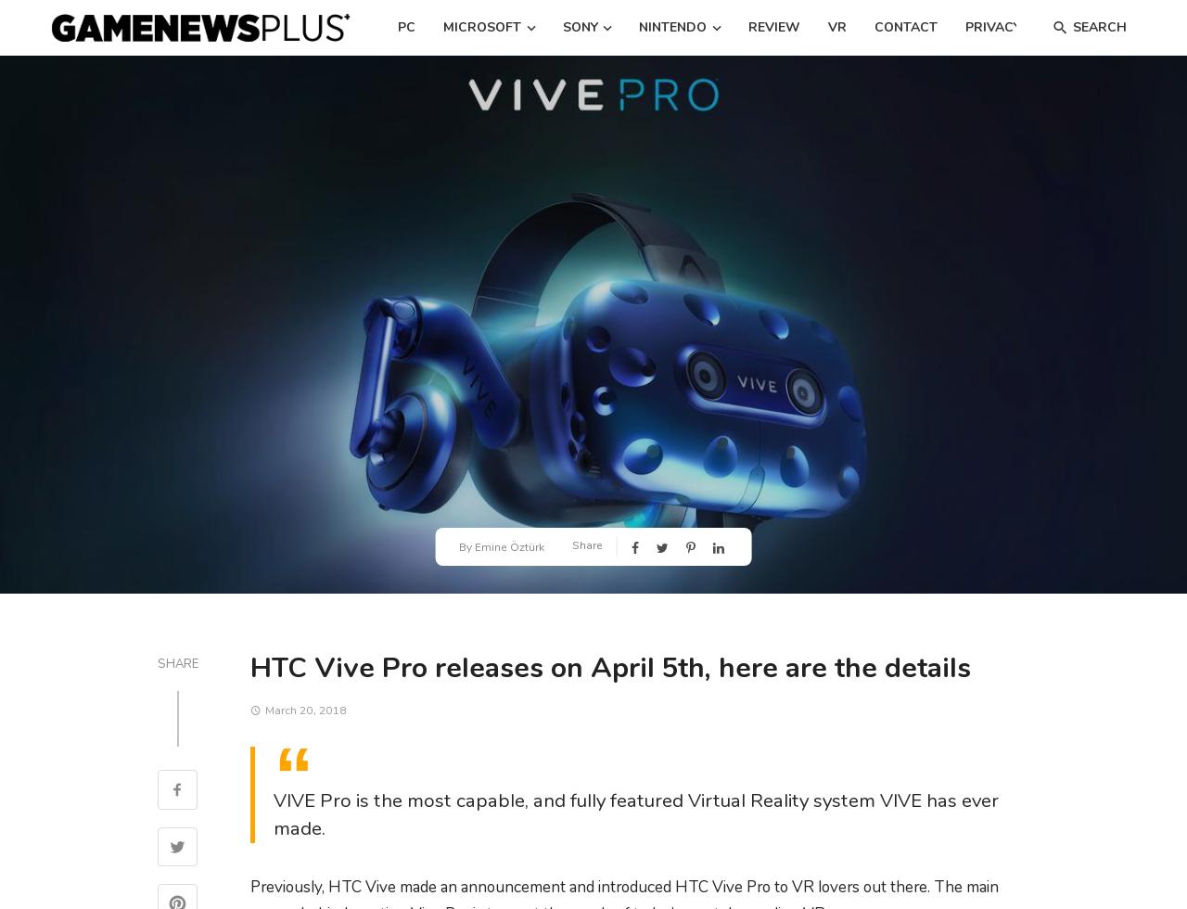 Image resolution: width=1187 pixels, height=909 pixels. I want to click on 'Nintendo', so click(671, 27).